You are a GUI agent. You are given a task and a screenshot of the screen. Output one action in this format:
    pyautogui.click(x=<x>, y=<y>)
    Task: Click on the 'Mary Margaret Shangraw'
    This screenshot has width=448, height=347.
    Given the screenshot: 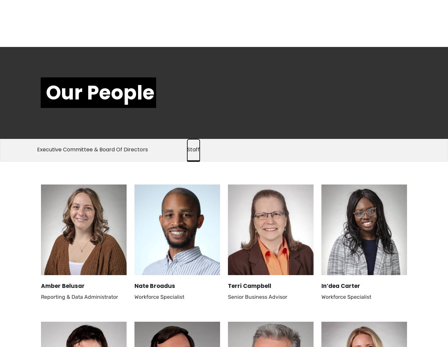 What is the action you would take?
    pyautogui.click(x=40, y=311)
    